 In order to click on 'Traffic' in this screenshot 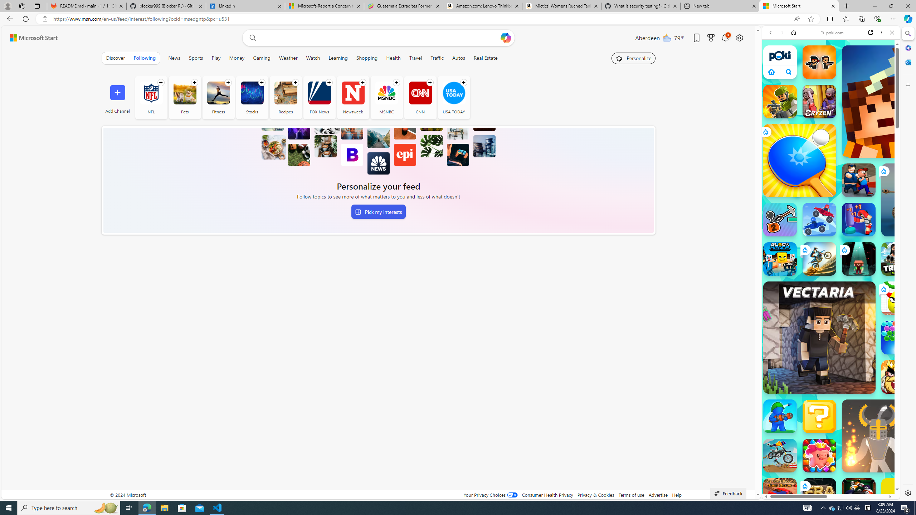, I will do `click(437, 58)`.